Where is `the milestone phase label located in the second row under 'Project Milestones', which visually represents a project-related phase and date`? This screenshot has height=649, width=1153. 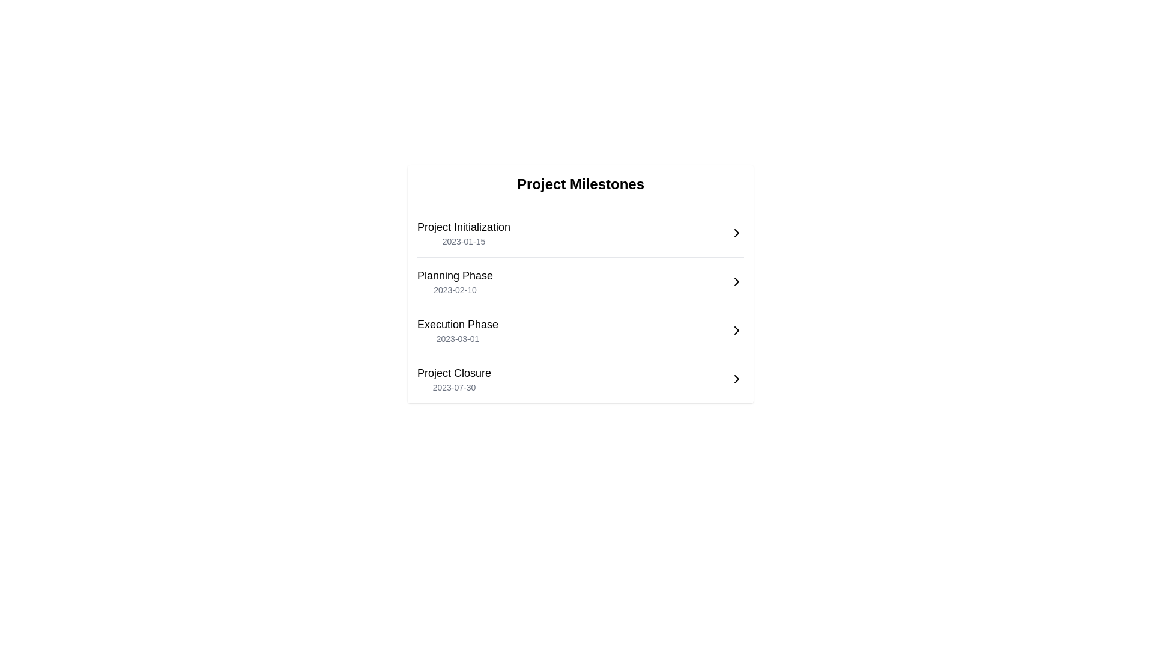 the milestone phase label located in the second row under 'Project Milestones', which visually represents a project-related phase and date is located at coordinates (455, 282).